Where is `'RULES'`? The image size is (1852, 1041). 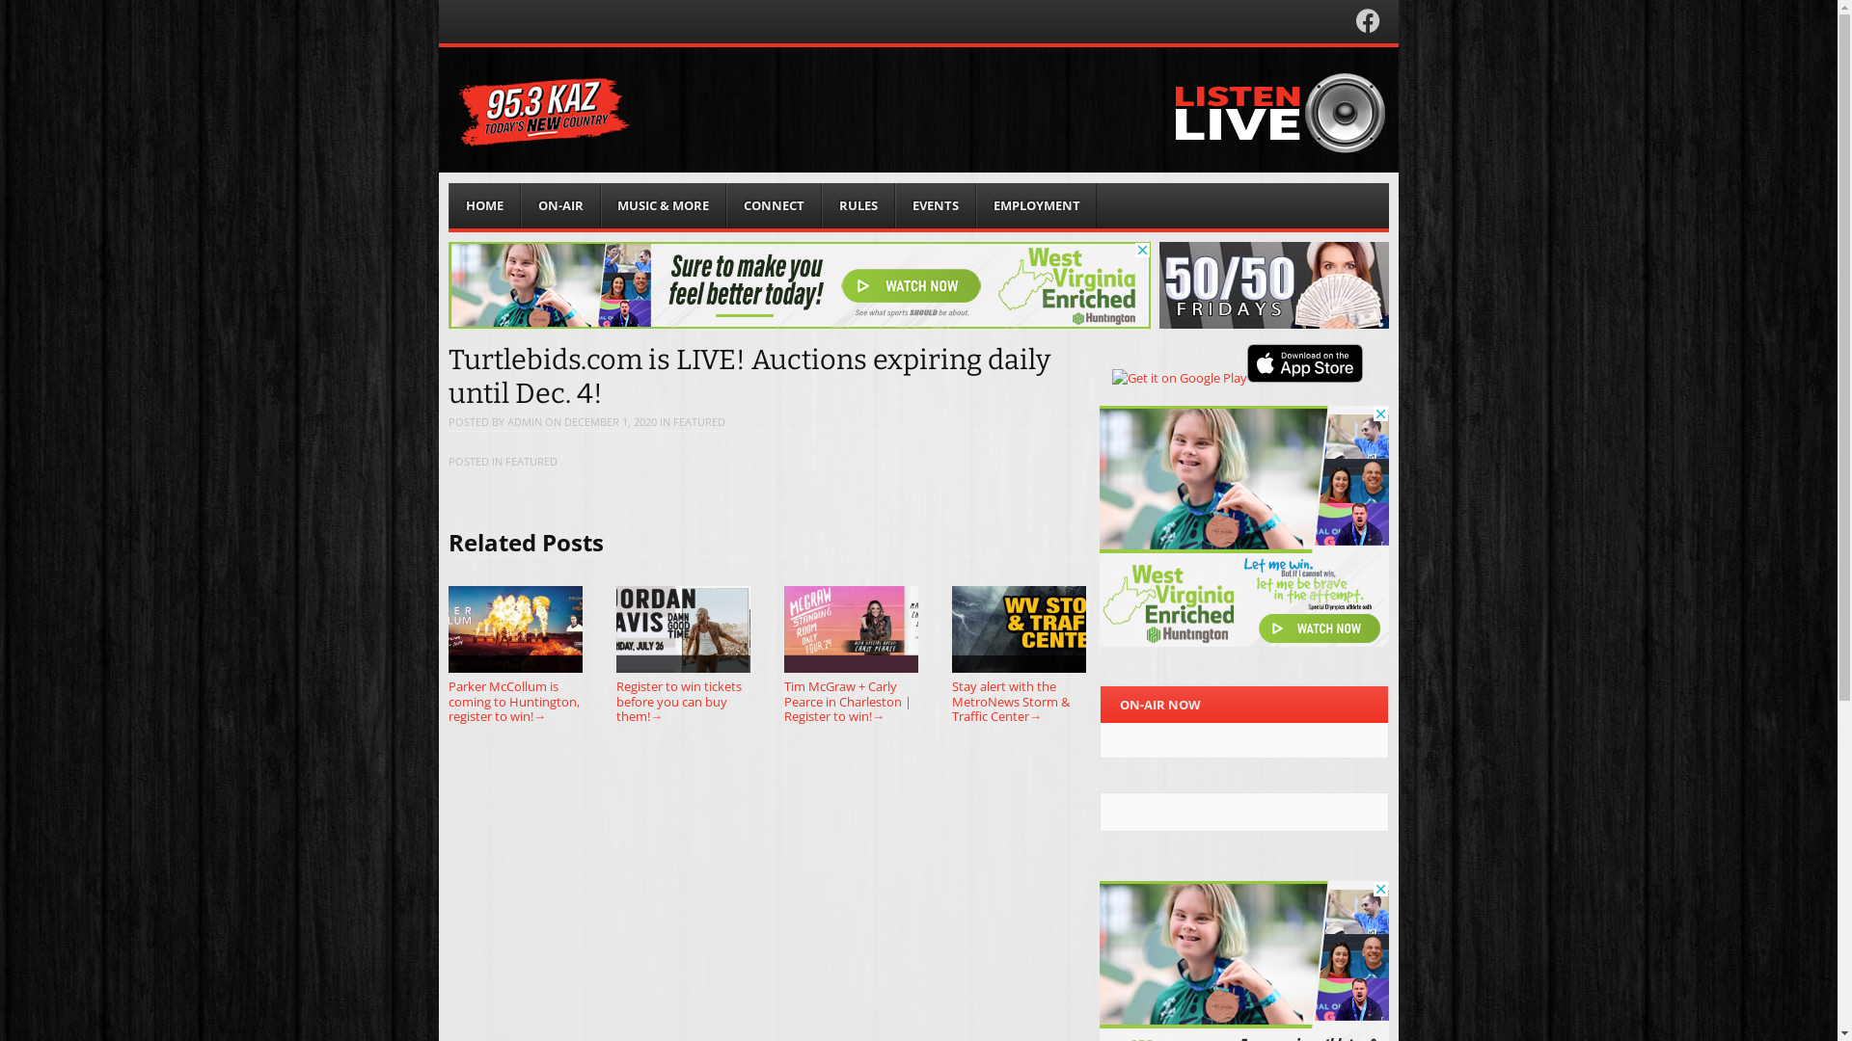
'RULES' is located at coordinates (857, 205).